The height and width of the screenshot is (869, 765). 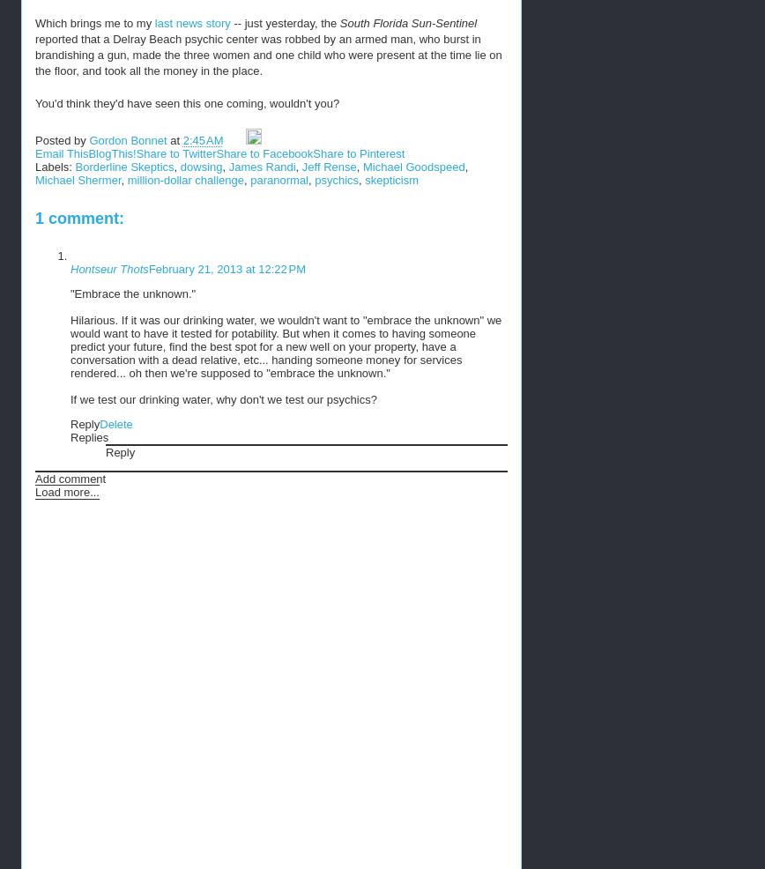 What do you see at coordinates (200, 166) in the screenshot?
I see `'dowsing'` at bounding box center [200, 166].